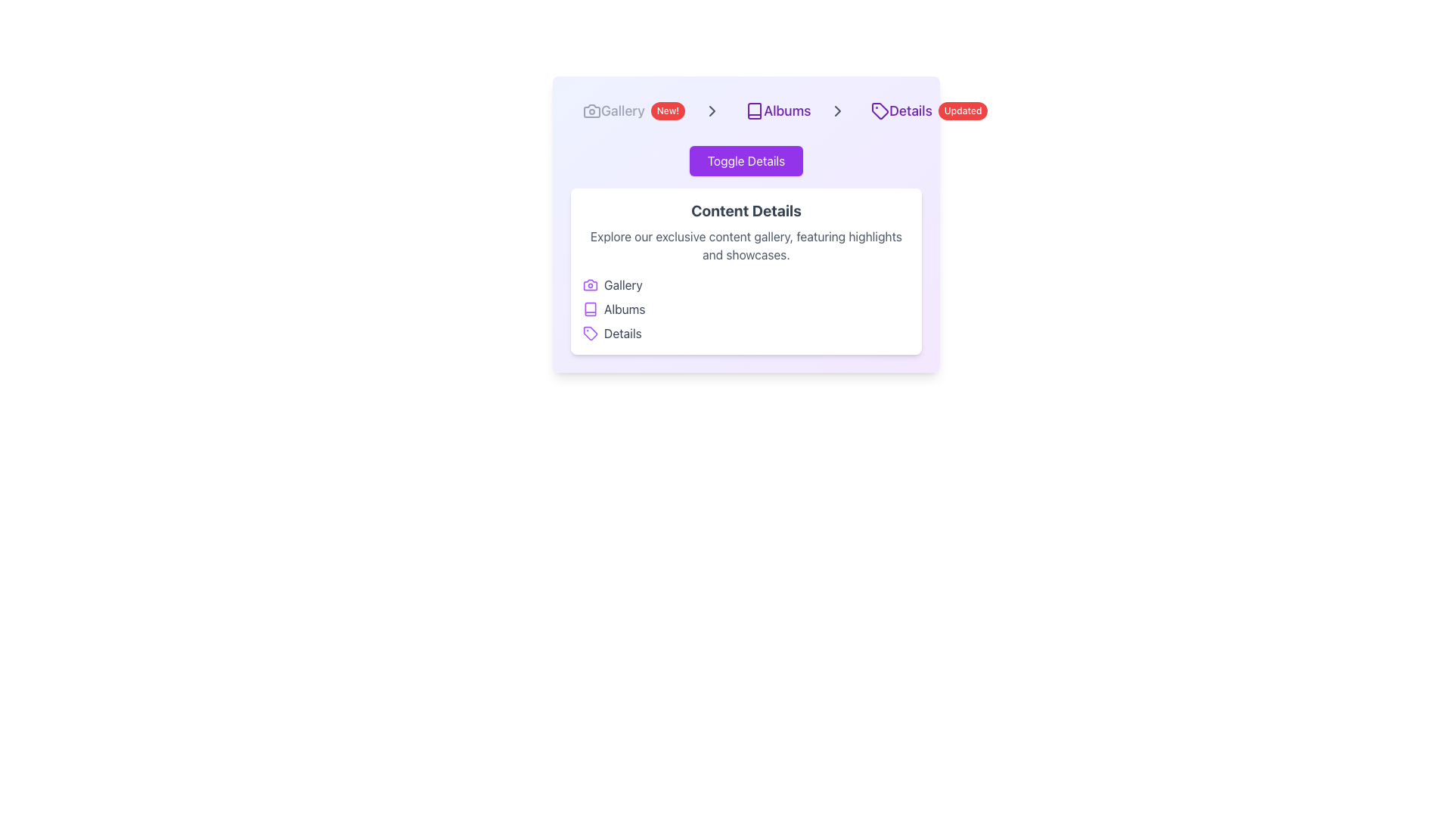 The width and height of the screenshot is (1452, 817). I want to click on the label indicating that the 'Gallery' section is new or has updated content, which is positioned immediately to the right of the 'Gallery' text in the navigation header, so click(667, 110).